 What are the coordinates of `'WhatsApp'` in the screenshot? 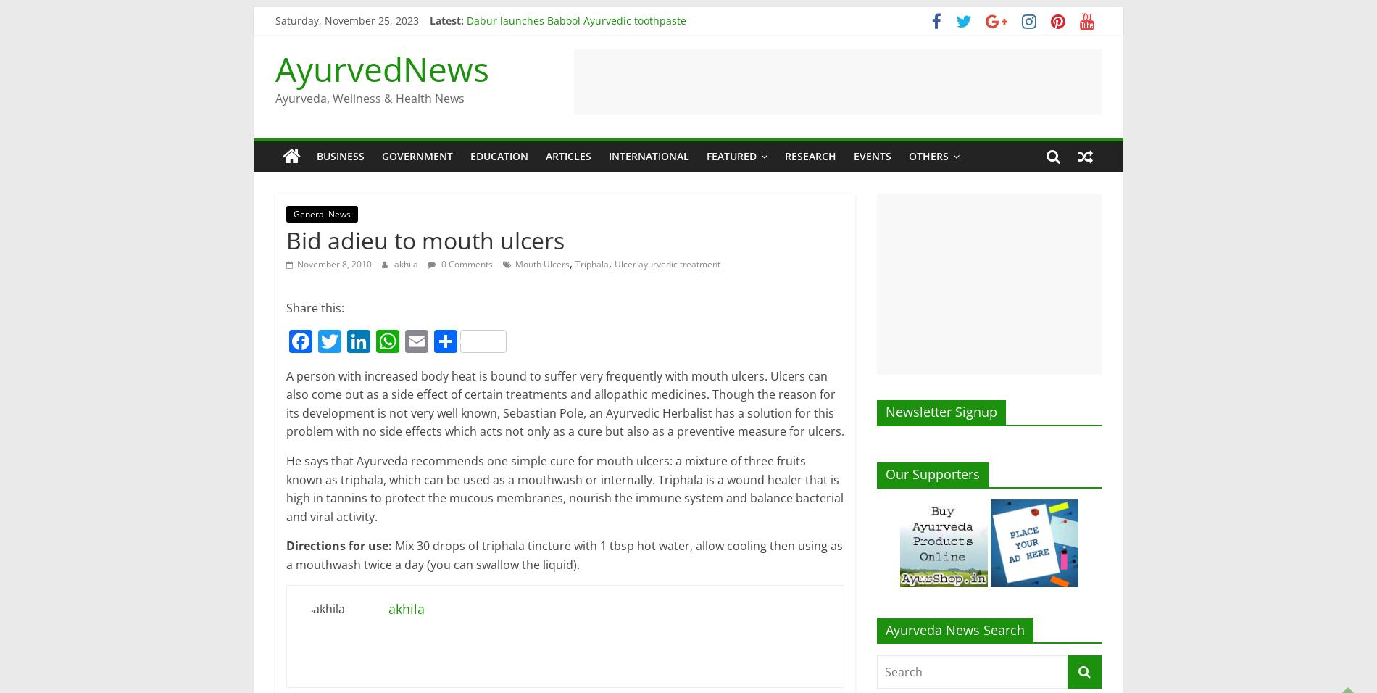 It's located at (399, 409).